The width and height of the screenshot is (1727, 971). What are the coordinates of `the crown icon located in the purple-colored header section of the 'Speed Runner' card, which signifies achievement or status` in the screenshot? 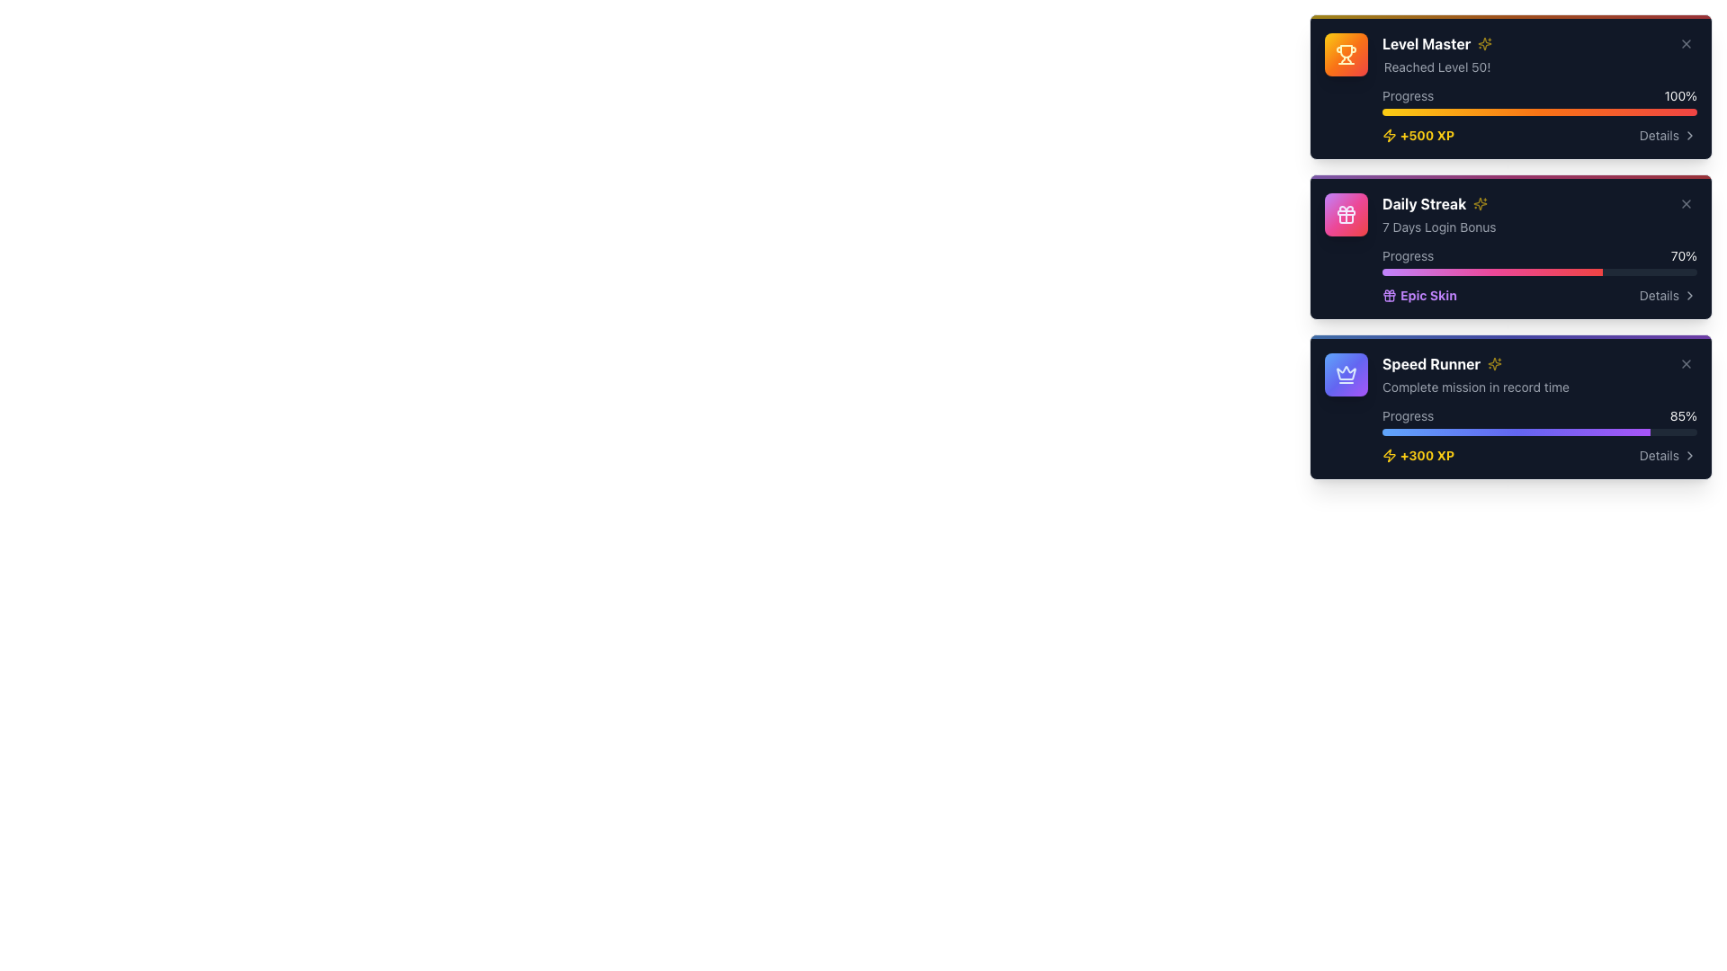 It's located at (1347, 372).